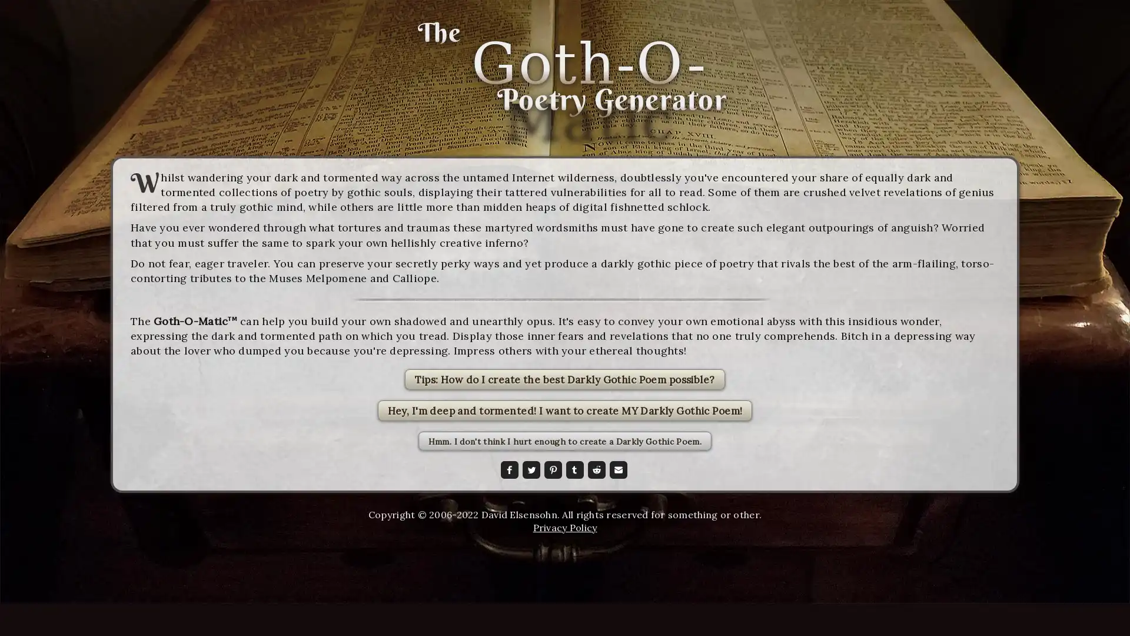 This screenshot has height=636, width=1130. What do you see at coordinates (595, 469) in the screenshot?
I see `Share to Reddit` at bounding box center [595, 469].